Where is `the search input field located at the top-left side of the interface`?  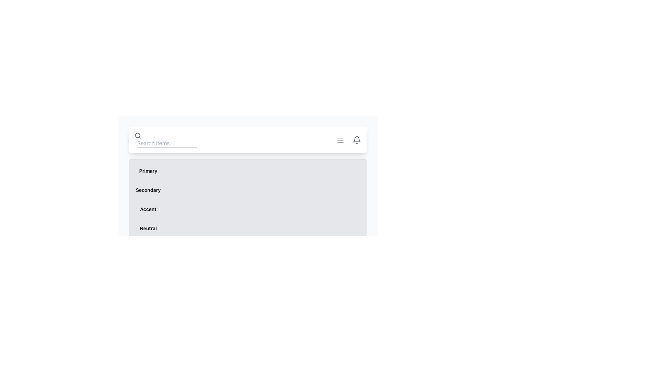 the search input field located at the top-left side of the interface is located at coordinates (166, 139).